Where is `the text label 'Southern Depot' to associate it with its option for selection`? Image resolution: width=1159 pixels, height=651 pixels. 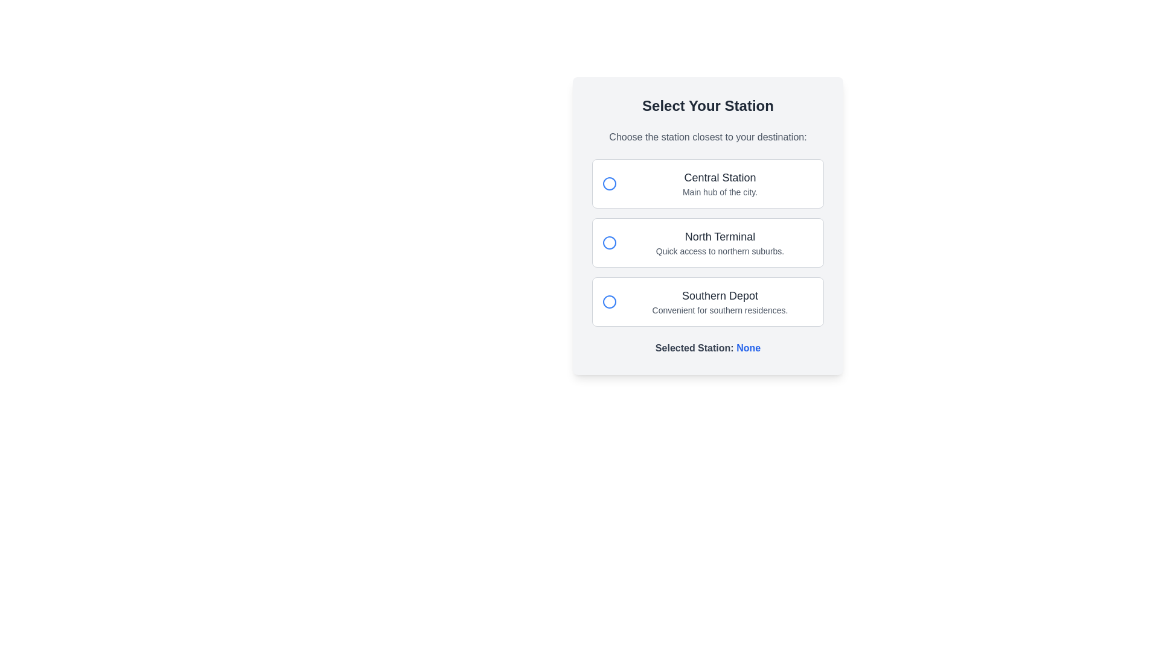
the text label 'Southern Depot' to associate it with its option for selection is located at coordinates (720, 295).